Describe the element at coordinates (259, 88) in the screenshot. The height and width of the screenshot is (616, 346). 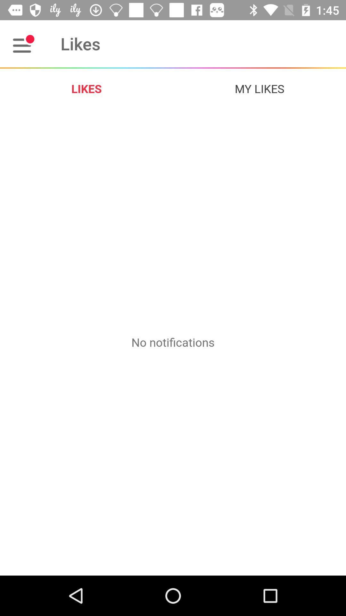
I see `my likes` at that location.